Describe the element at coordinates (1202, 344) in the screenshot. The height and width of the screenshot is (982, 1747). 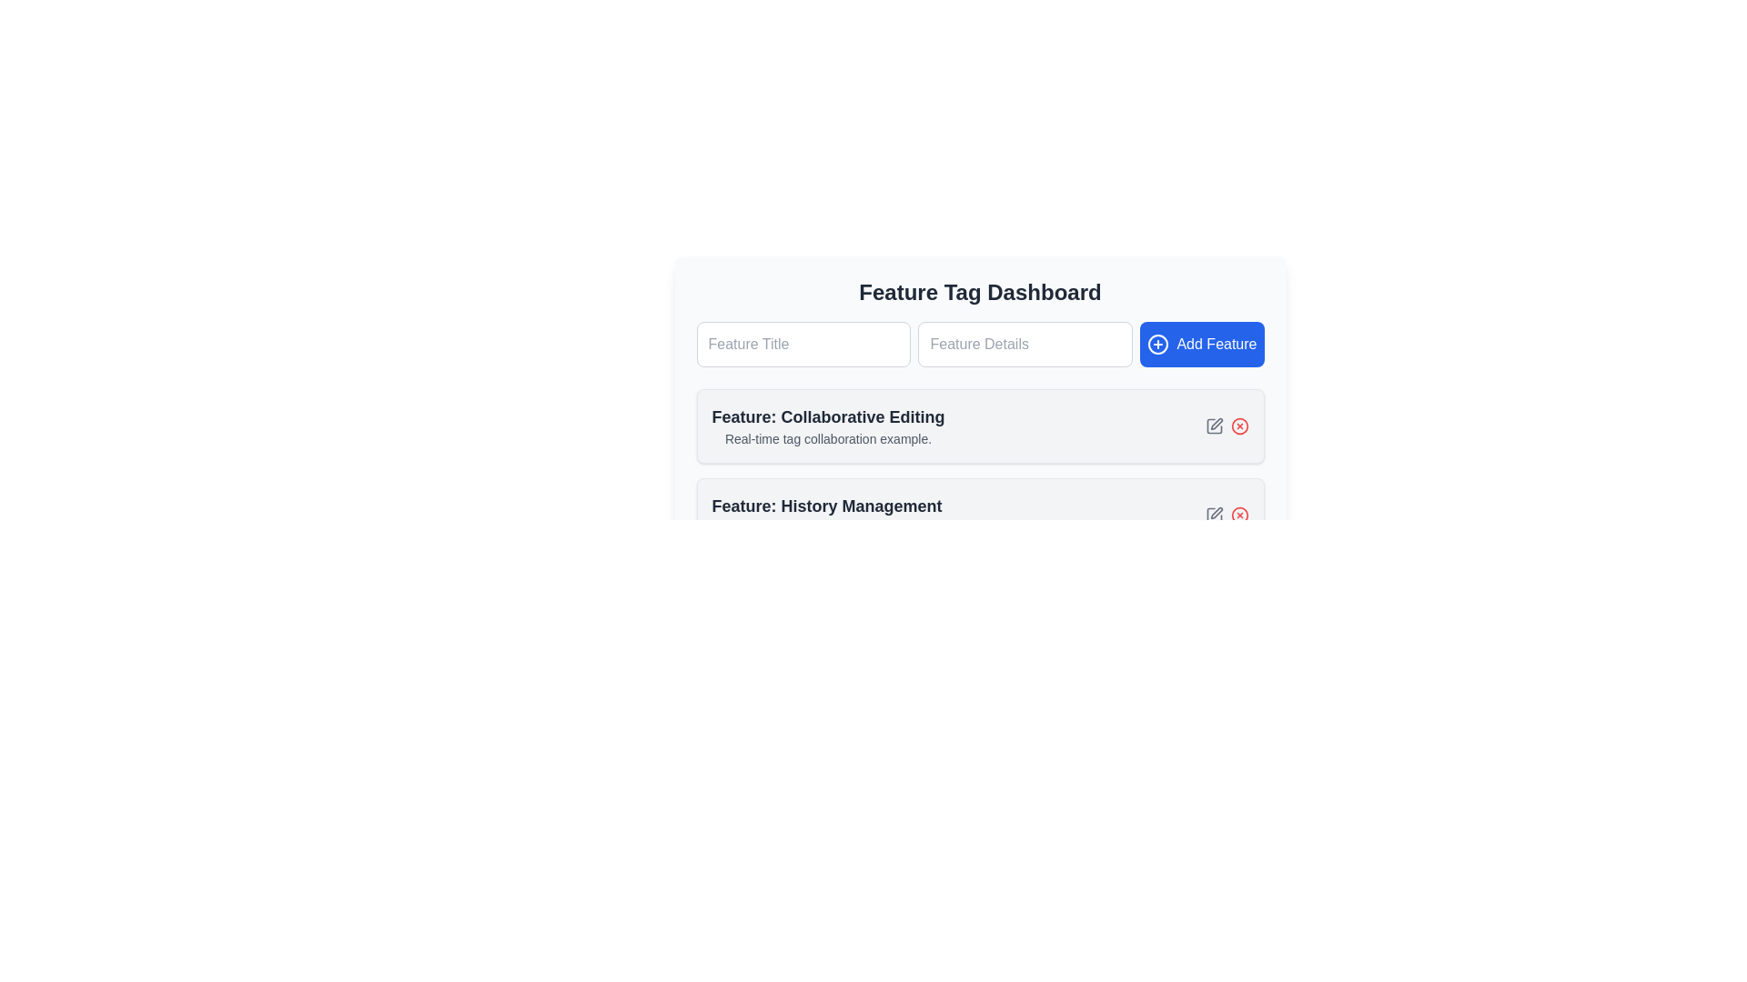
I see `the 'Add Feature' button, which has a vibrant blue background, rounded corners, and a circular icon with a plus sign on its left side` at that location.